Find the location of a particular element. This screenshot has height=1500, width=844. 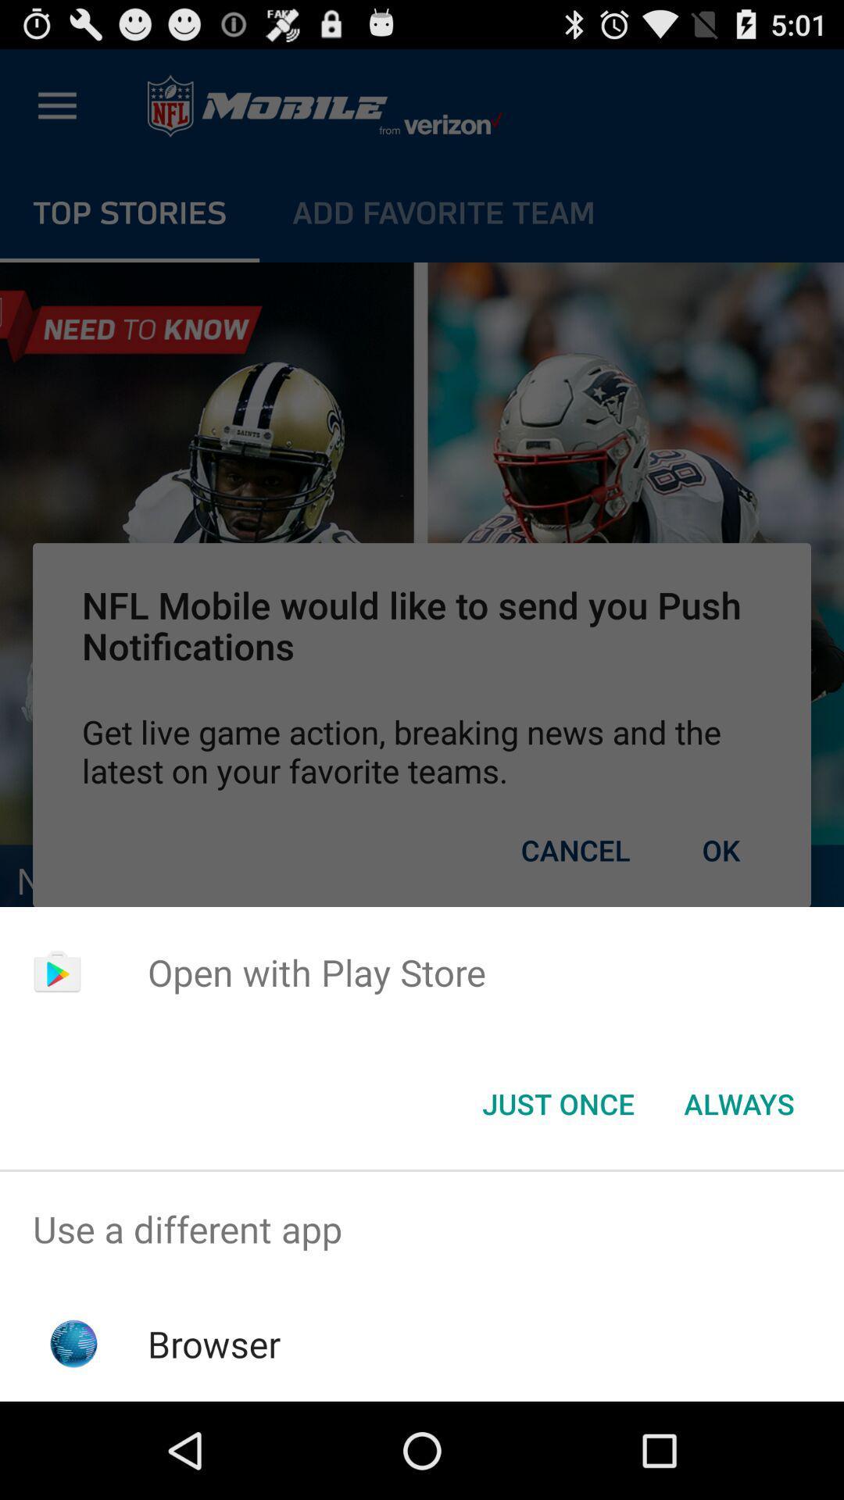

the icon next to the always button is located at coordinates (557, 1102).